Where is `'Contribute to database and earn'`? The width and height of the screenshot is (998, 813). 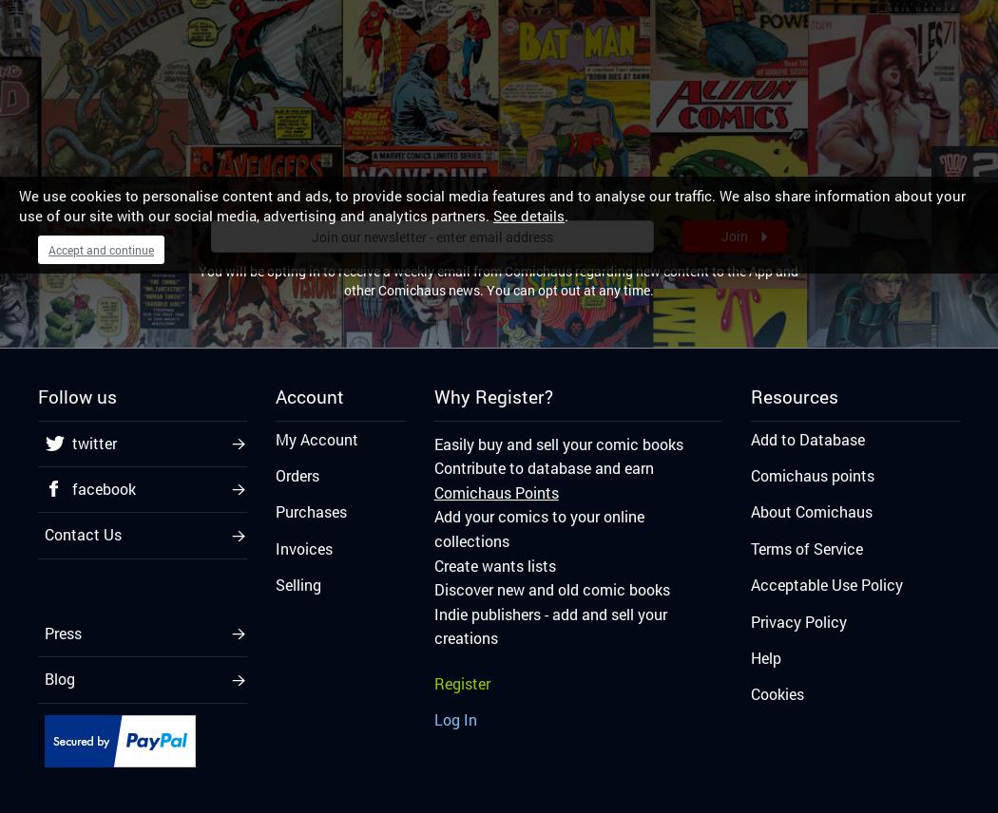 'Contribute to database and earn' is located at coordinates (542, 466).